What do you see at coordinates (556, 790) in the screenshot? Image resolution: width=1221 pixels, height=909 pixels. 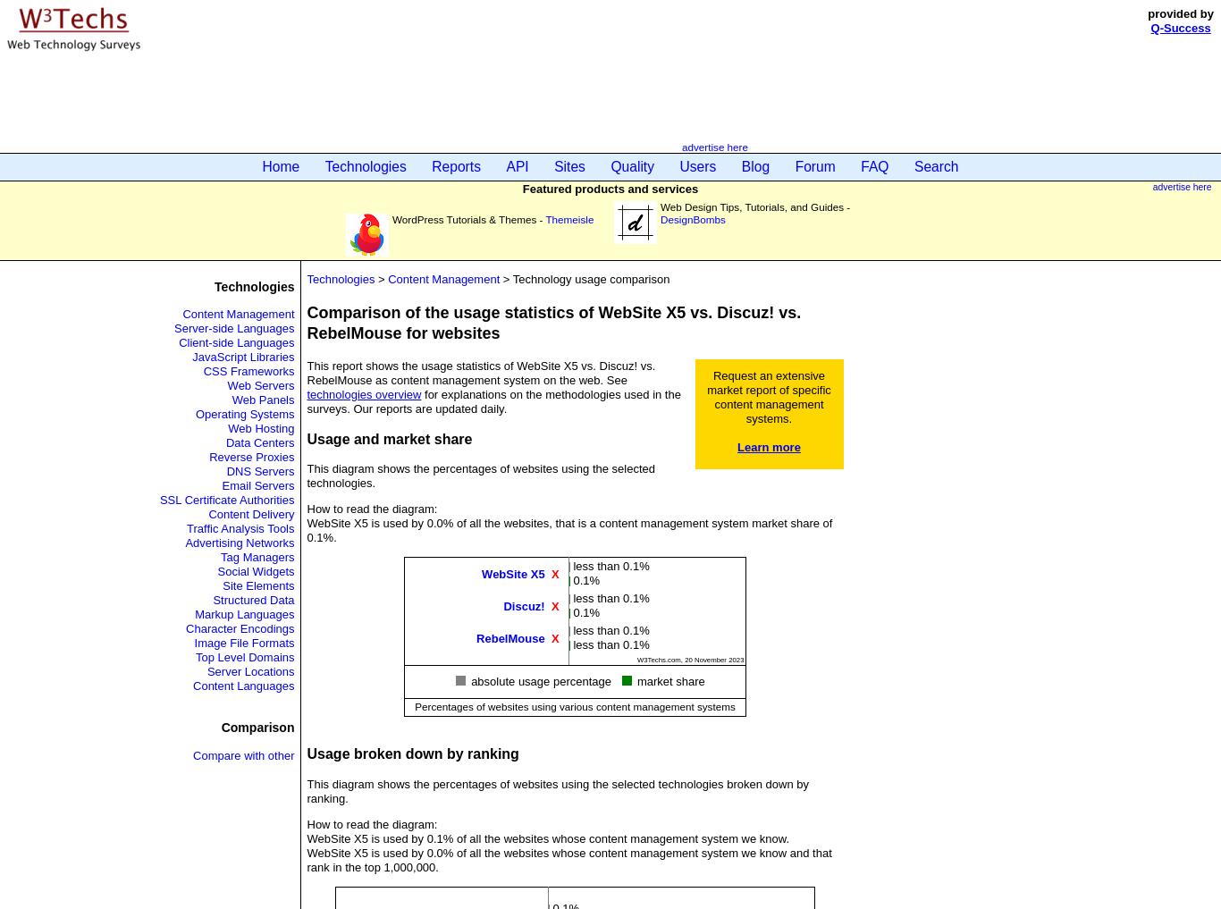 I see `'This diagram shows the percentages of websites using the selected technologies broken down by ranking.'` at bounding box center [556, 790].